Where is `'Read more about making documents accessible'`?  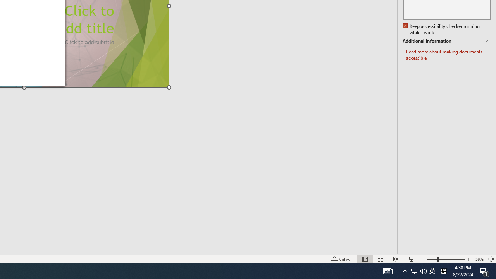
'Read more about making documents accessible' is located at coordinates (448, 55).